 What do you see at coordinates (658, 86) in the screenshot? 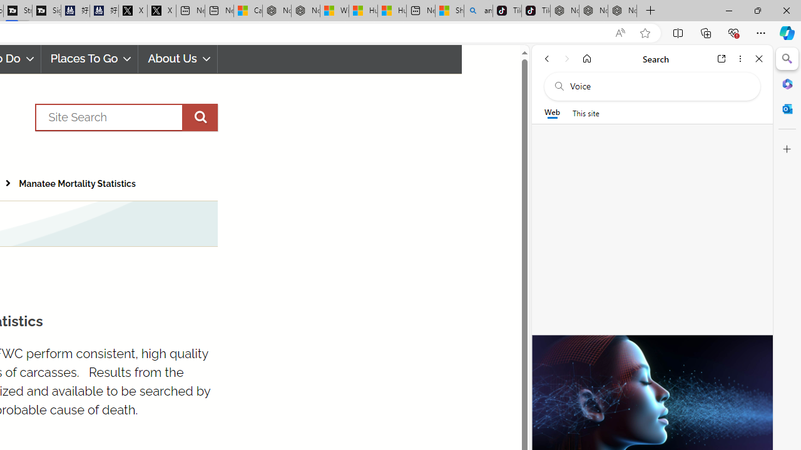
I see `'Search the web'` at bounding box center [658, 86].